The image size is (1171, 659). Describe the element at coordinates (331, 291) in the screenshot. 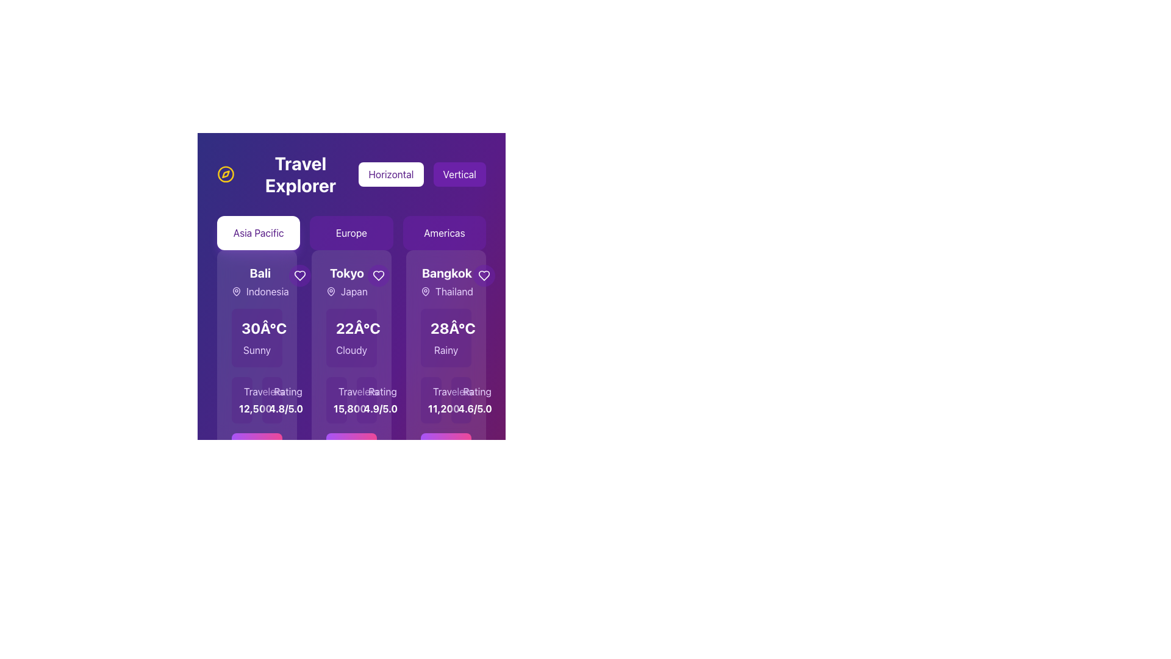

I see `the pin icon located below the title 'Tokyo' and above the text '22°C', which is aligned in the middle of the Tokyo card` at that location.